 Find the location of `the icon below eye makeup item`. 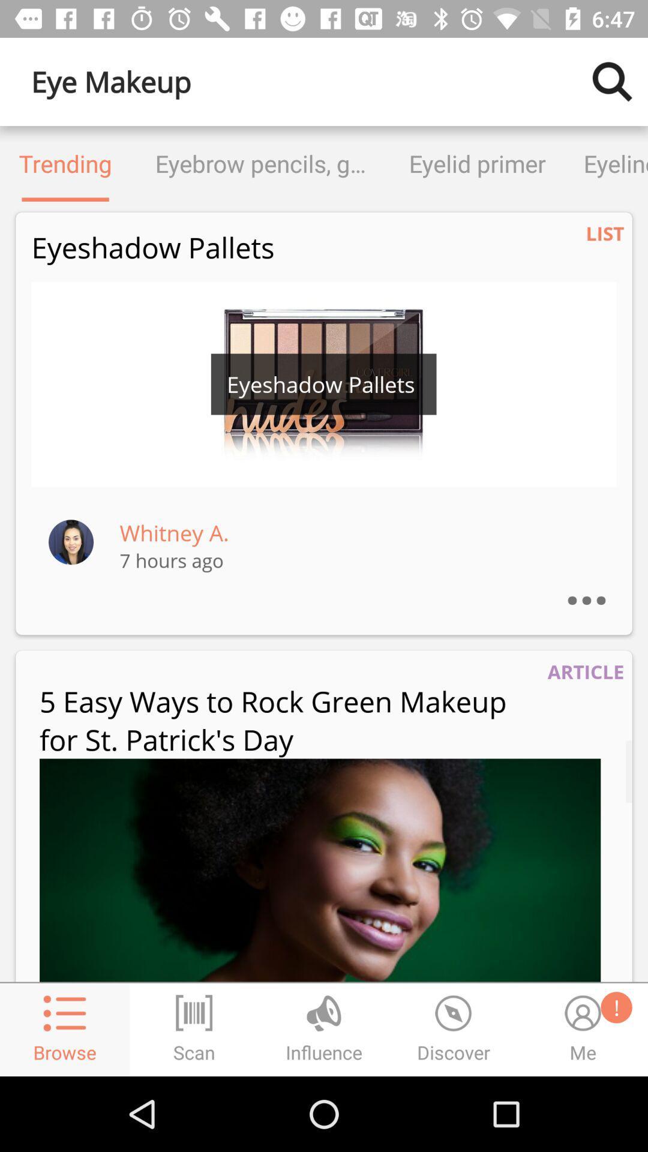

the icon below eye makeup item is located at coordinates (65, 163).